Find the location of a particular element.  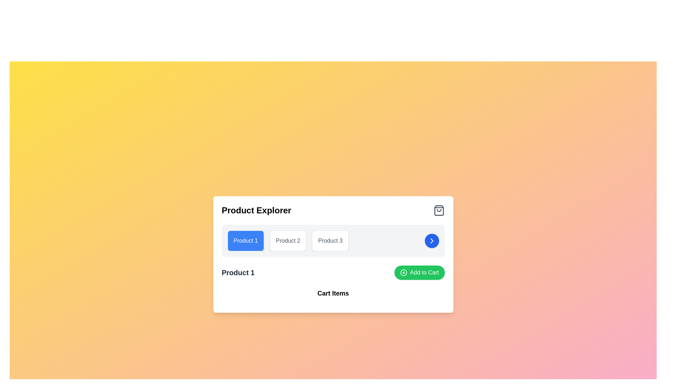

the button that adds 'Product 1' to the shopping cart is located at coordinates (419, 273).